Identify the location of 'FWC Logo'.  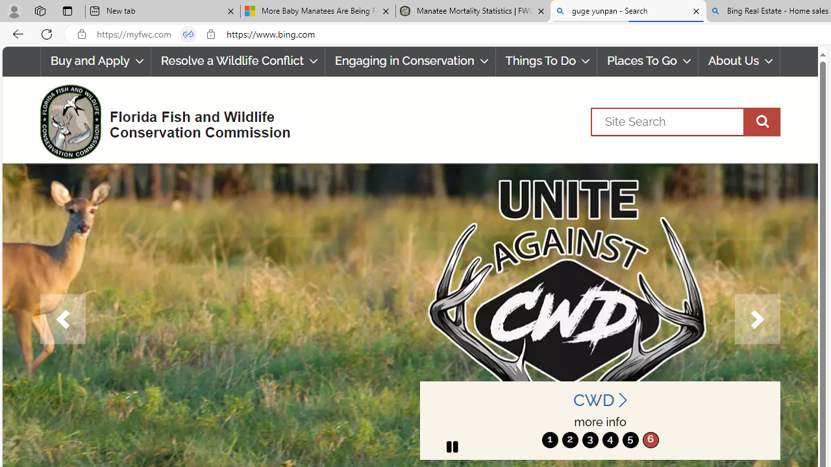
(69, 121).